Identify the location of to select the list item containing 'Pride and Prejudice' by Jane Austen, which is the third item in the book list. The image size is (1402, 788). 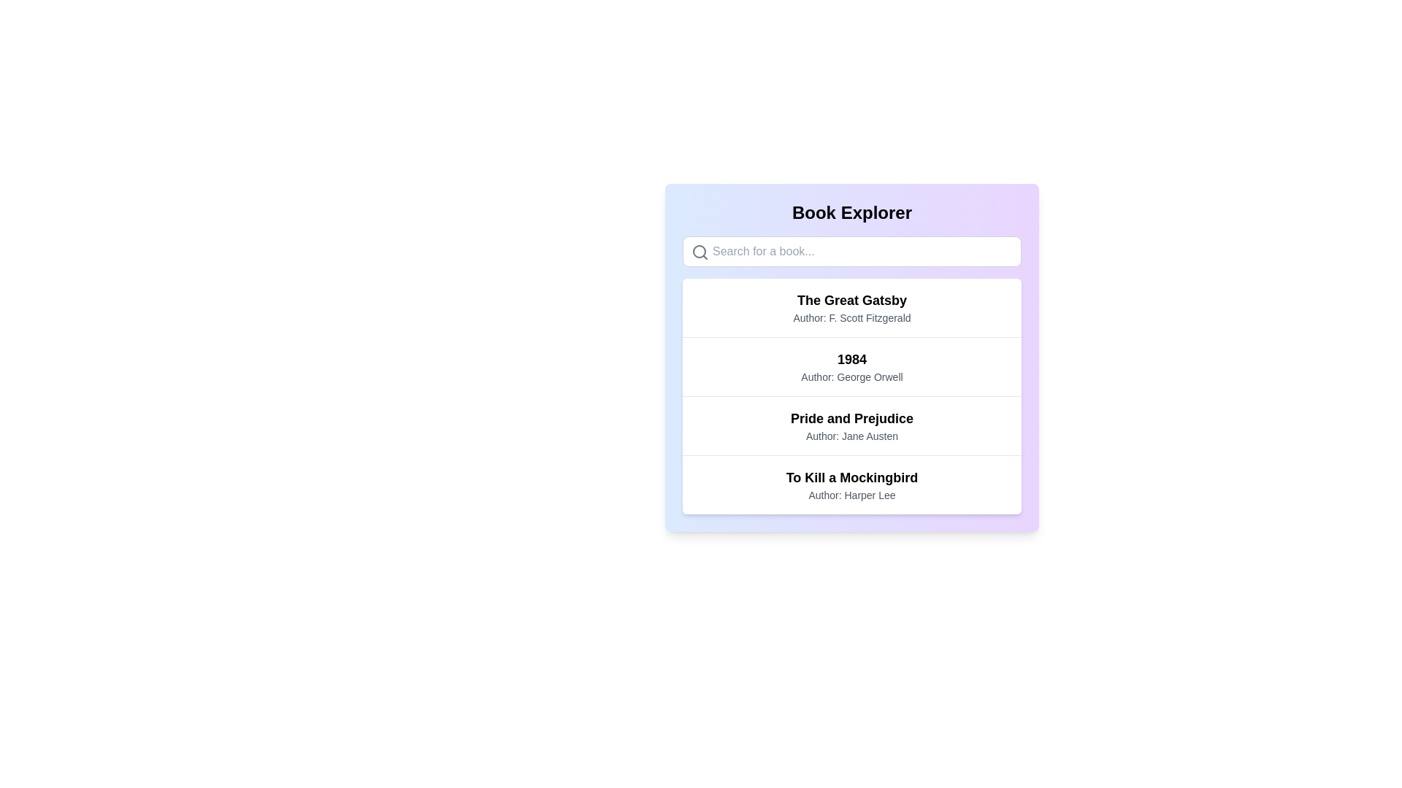
(851, 425).